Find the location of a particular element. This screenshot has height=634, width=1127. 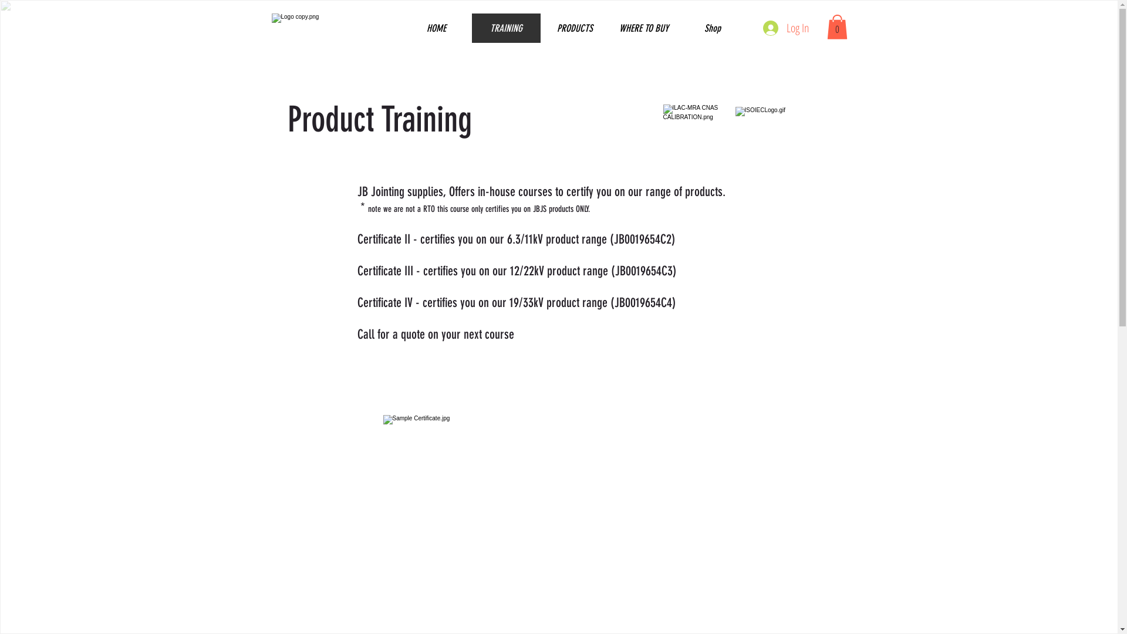

'0' is located at coordinates (836, 26).